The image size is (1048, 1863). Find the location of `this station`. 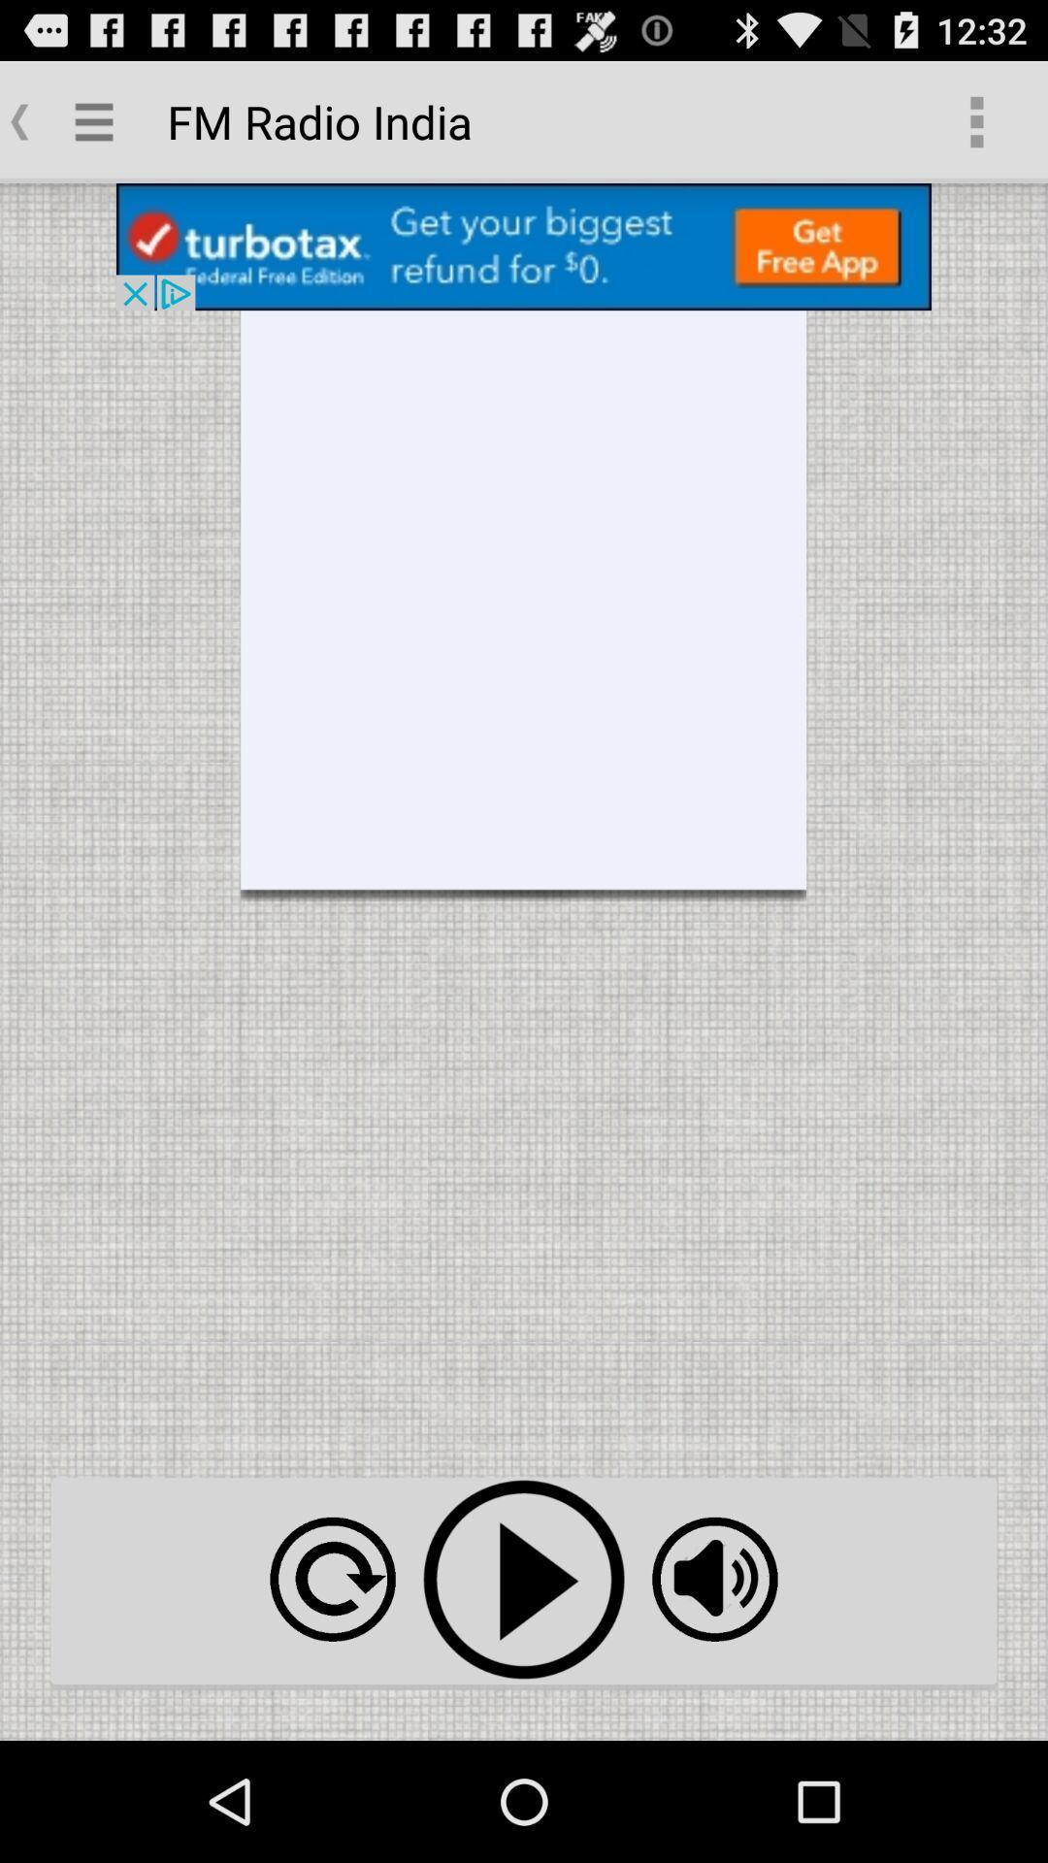

this station is located at coordinates (524, 1580).